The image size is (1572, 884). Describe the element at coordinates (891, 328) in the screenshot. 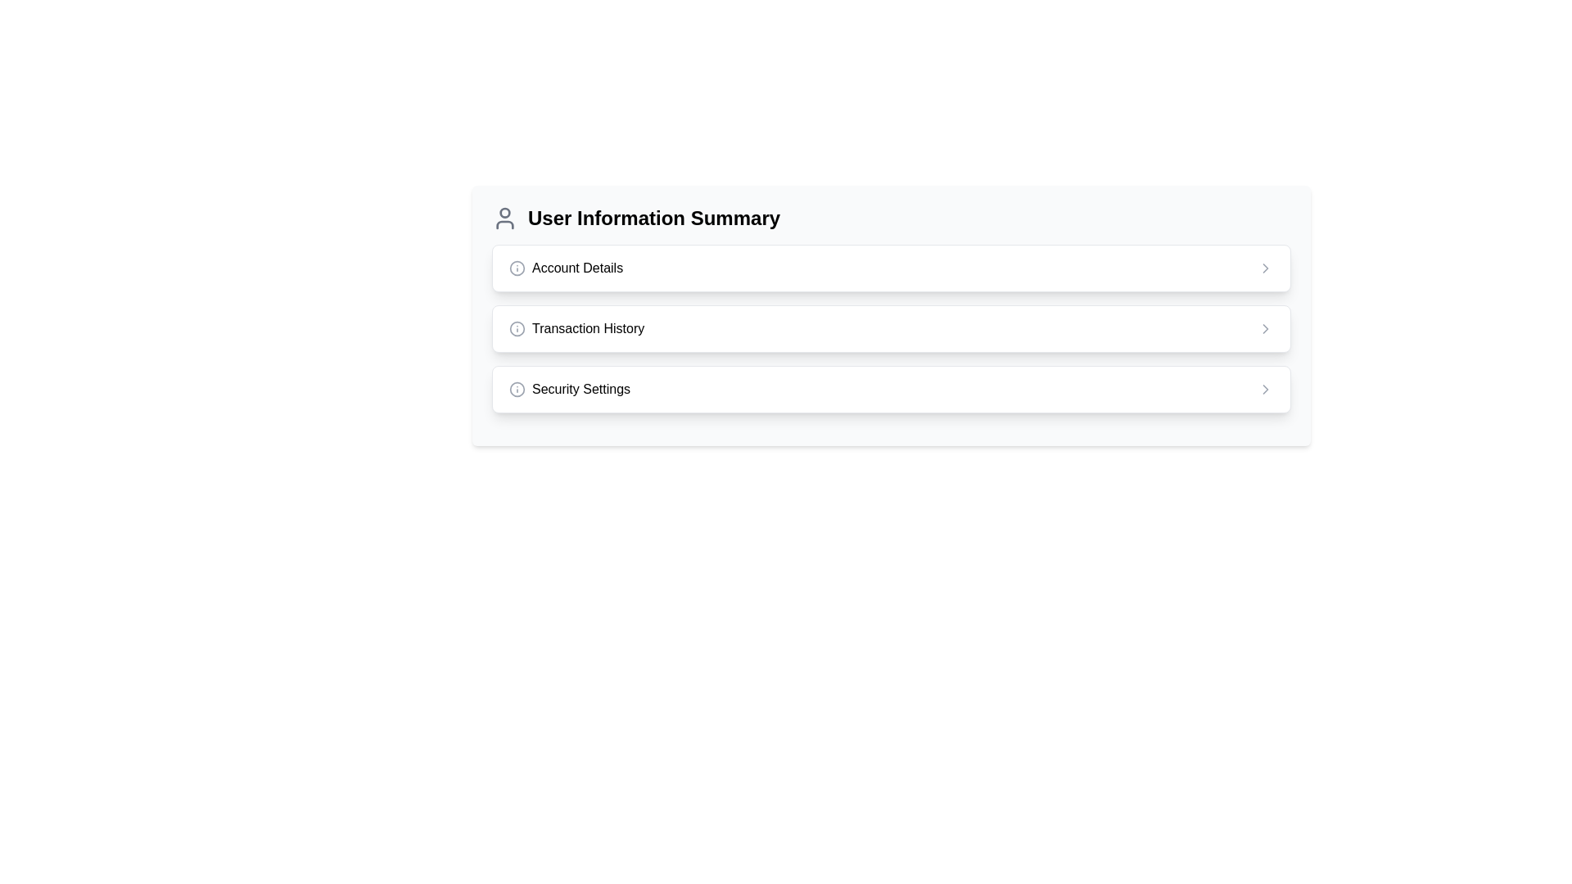

I see `the clickable list item for transaction history under the 'User Information Summary' section` at that location.